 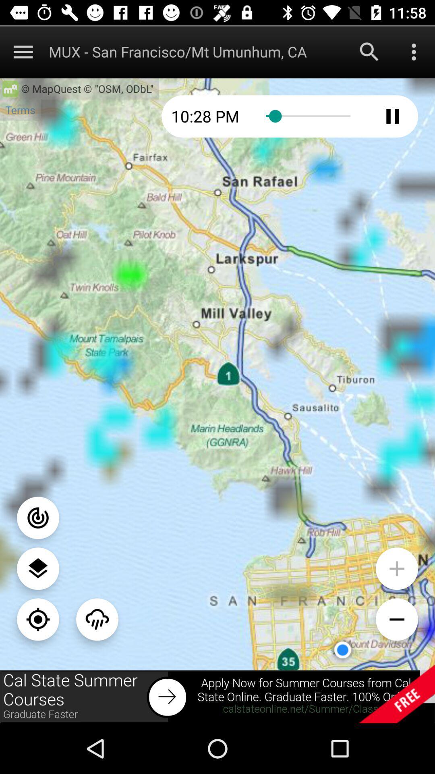 I want to click on advertisement image, so click(x=217, y=696).